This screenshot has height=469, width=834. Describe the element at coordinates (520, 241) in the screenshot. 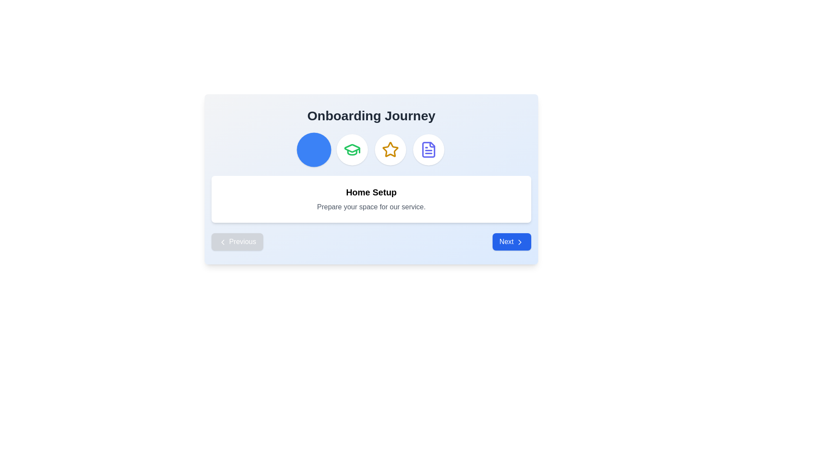

I see `the right-pointing chevron icon located within the blue 'Next' button at the bottom-right corner of the interface` at that location.